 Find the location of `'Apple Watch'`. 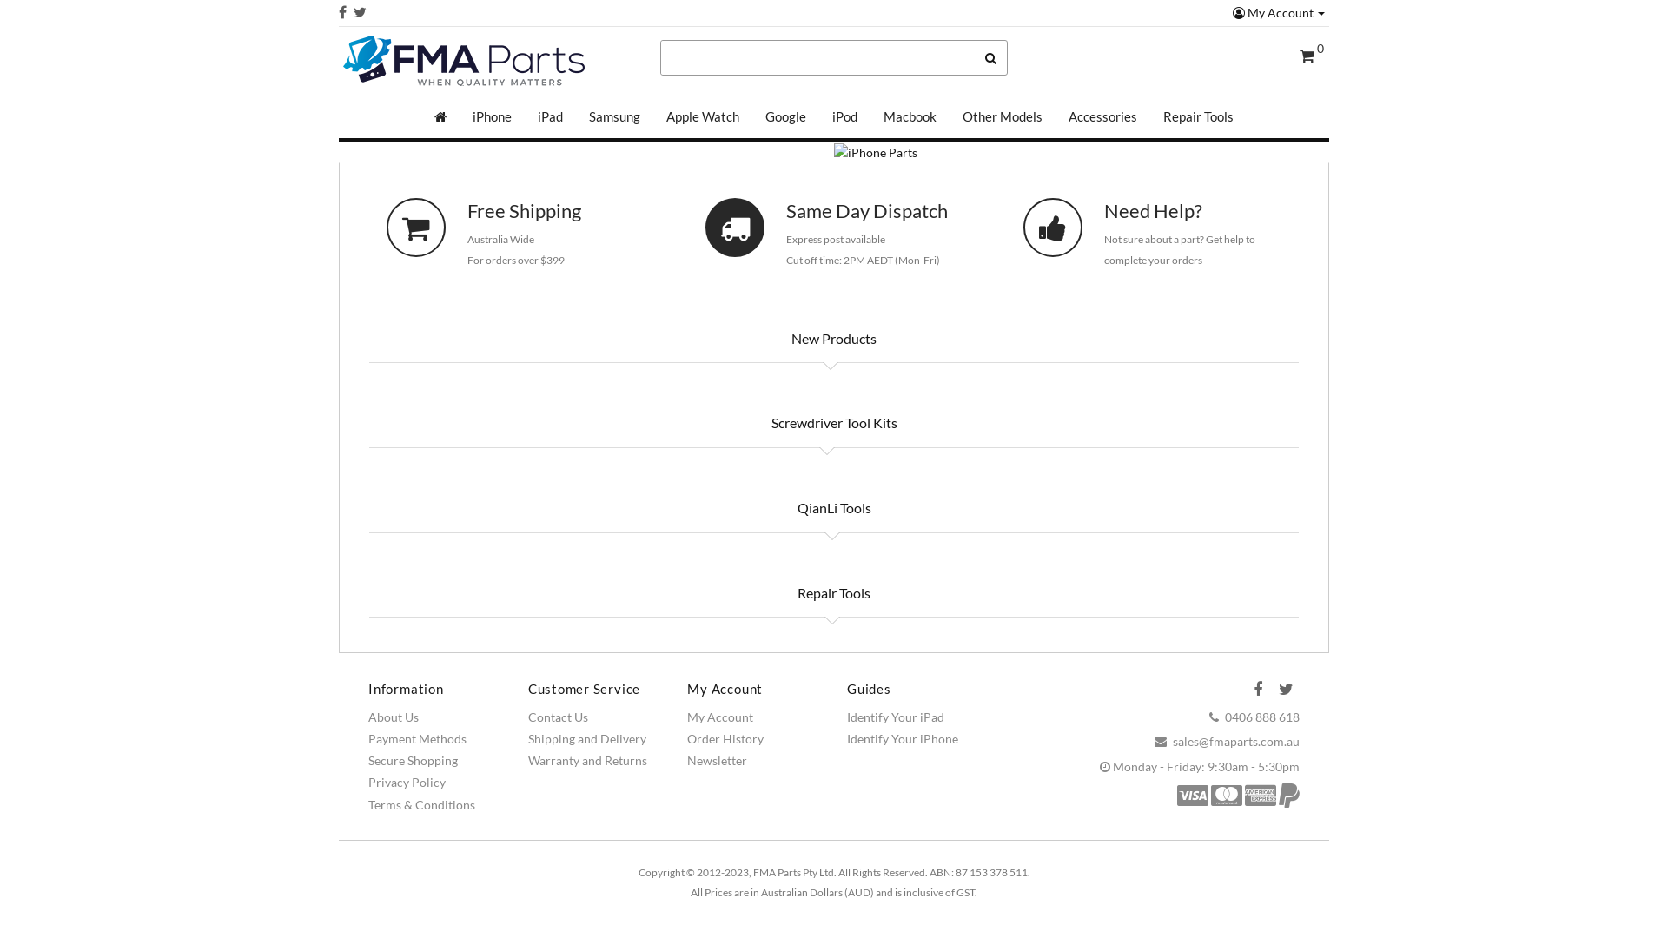

'Apple Watch' is located at coordinates (703, 116).